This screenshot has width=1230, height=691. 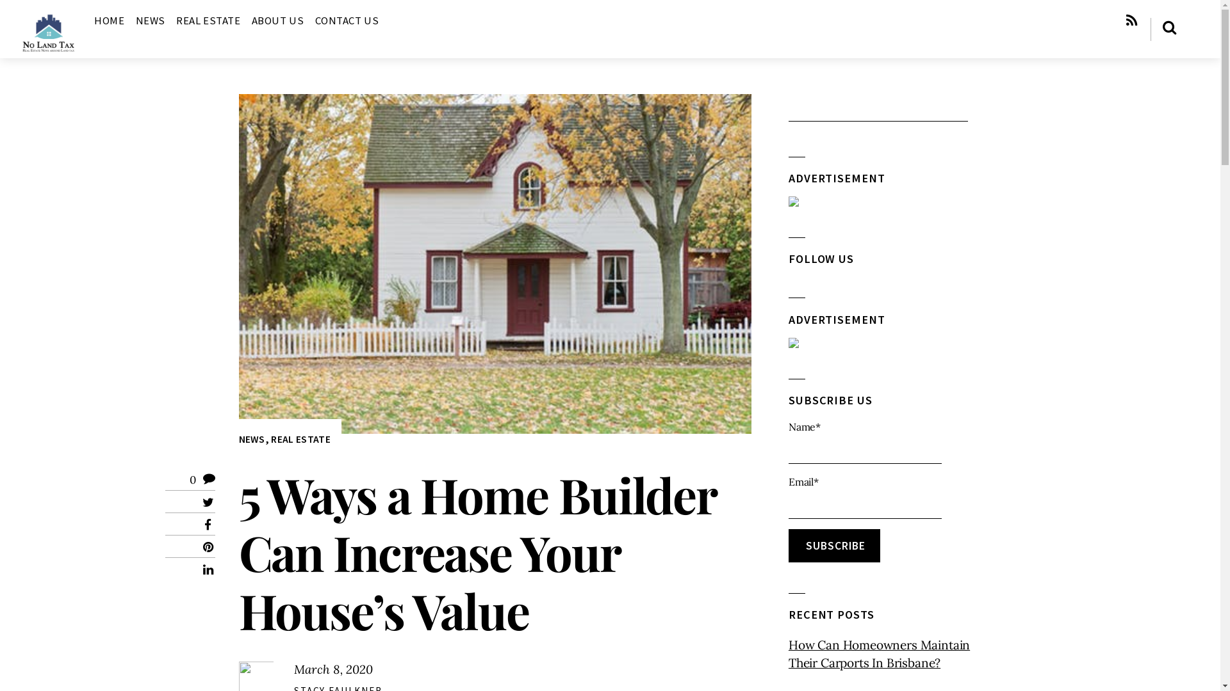 I want to click on 'Twitter', so click(x=200, y=502).